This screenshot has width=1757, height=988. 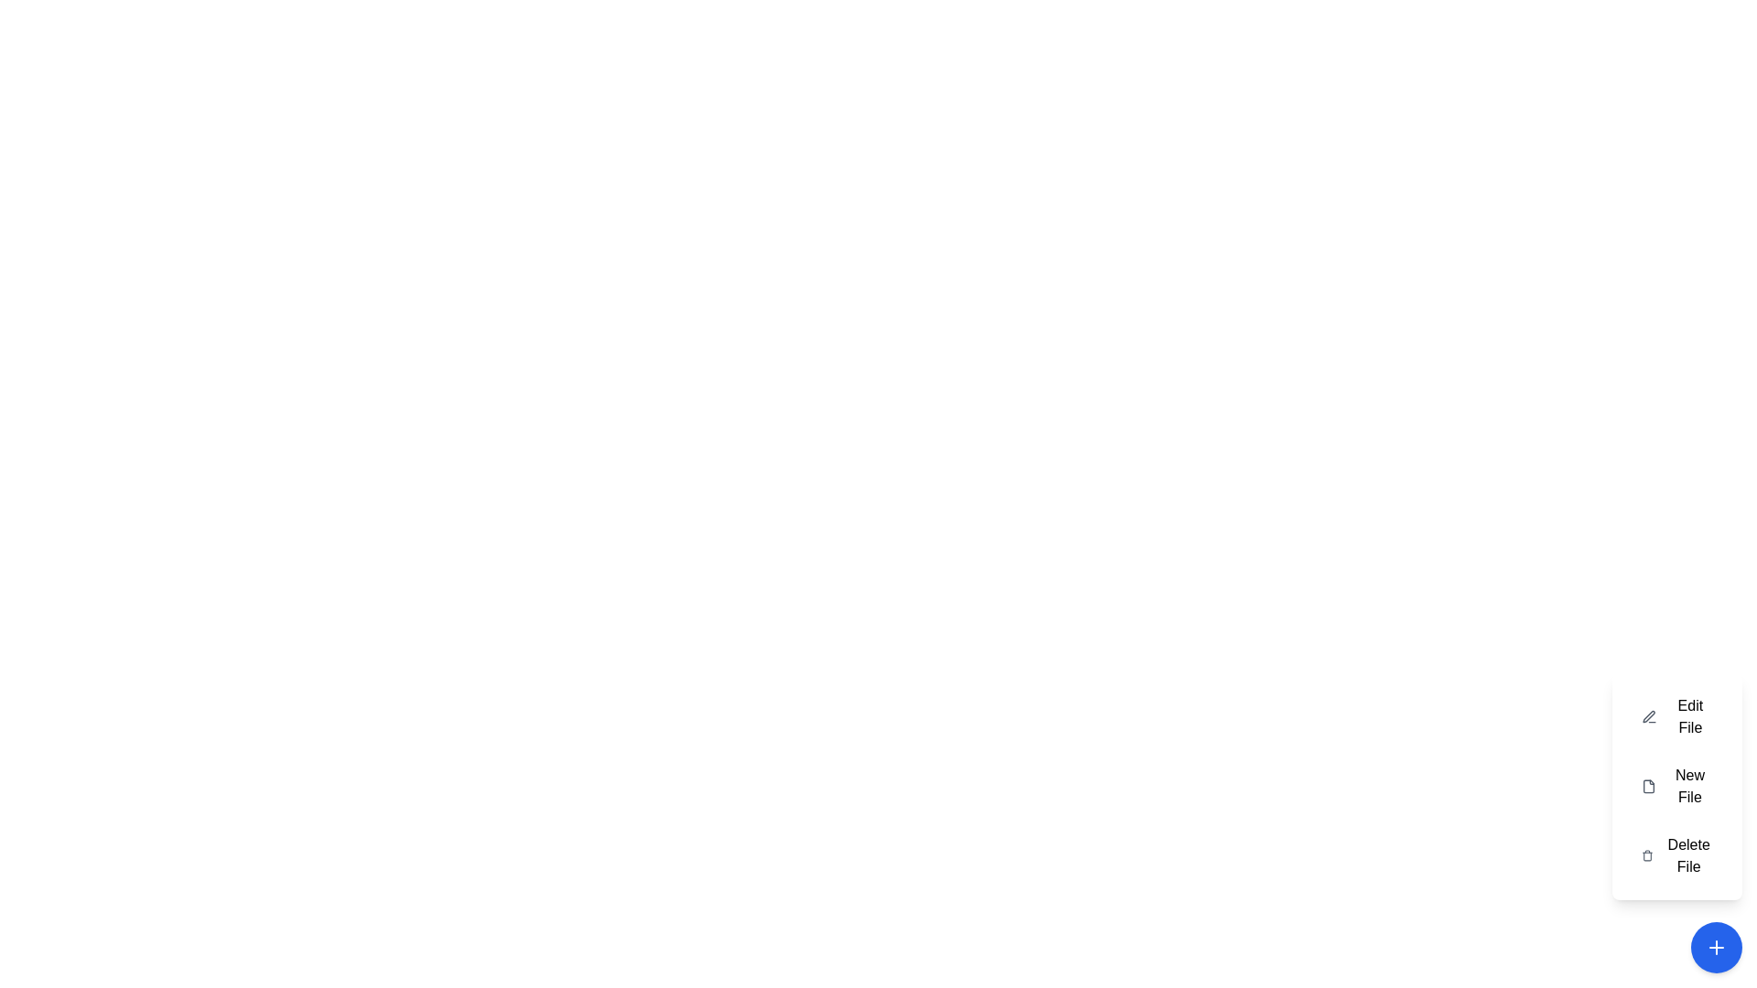 I want to click on the blue circular button with a white plus icon located at the bottom right corner of the interface to observe any hover effects, so click(x=1716, y=947).